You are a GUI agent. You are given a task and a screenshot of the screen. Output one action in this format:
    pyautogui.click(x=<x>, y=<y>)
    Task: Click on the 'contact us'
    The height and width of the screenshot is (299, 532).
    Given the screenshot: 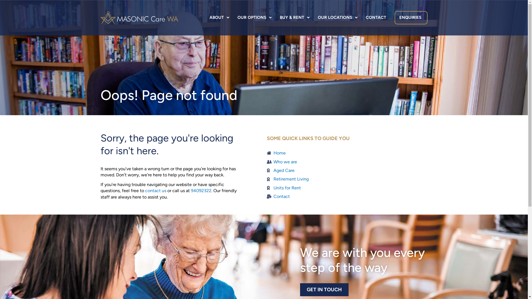 What is the action you would take?
    pyautogui.click(x=155, y=190)
    